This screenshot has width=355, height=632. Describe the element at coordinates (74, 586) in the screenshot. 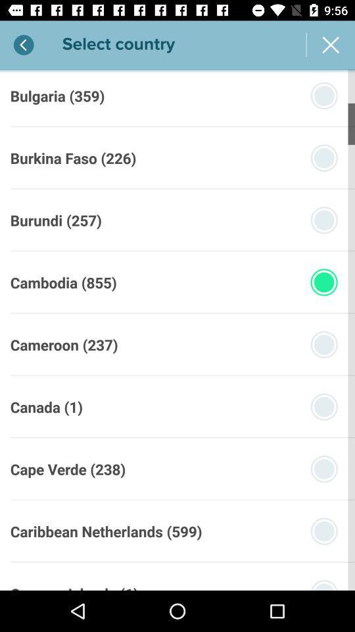

I see `cayman islands (1)` at that location.